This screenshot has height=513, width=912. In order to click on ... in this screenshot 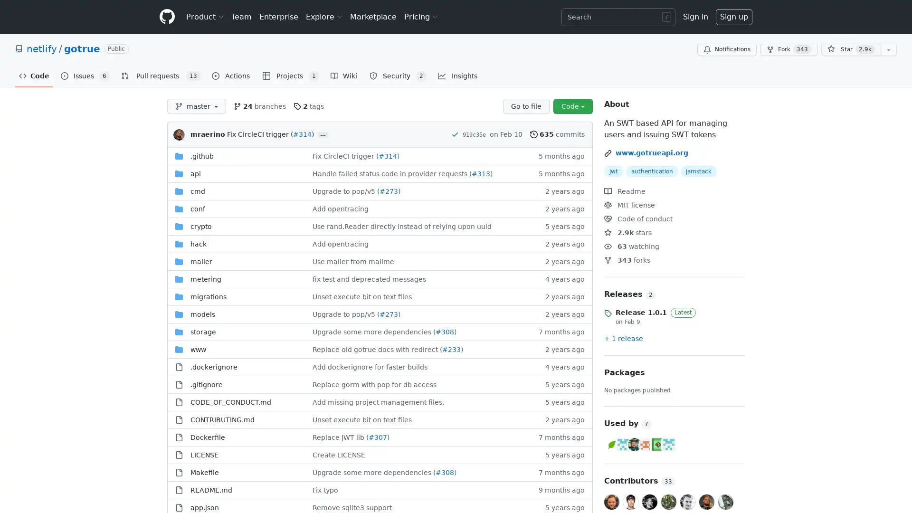, I will do `click(323, 135)`.